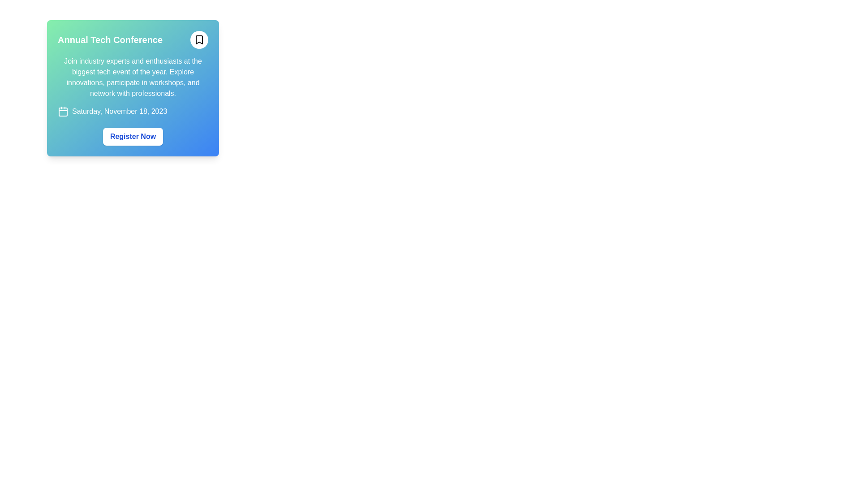  What do you see at coordinates (133, 136) in the screenshot?
I see `the 'Register Now' button with a white background and blue text, located within the 'Annual Tech Conference' card` at bounding box center [133, 136].